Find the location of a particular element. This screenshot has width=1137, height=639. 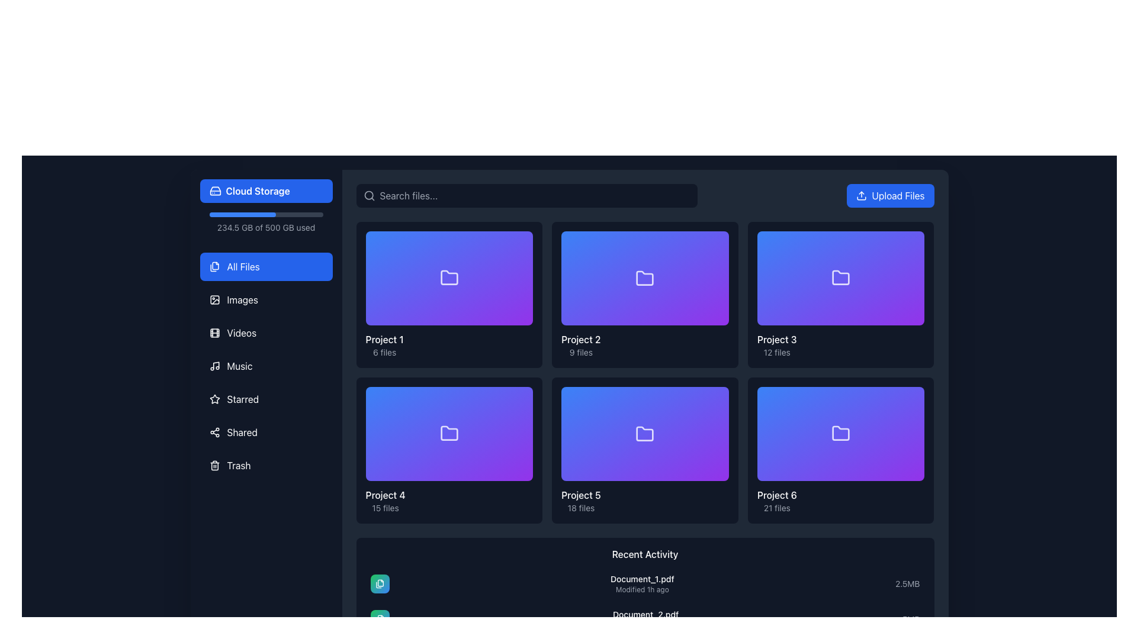

the 'Project 1' card-like UI component in the top-left corner of the grid is located at coordinates (448, 278).